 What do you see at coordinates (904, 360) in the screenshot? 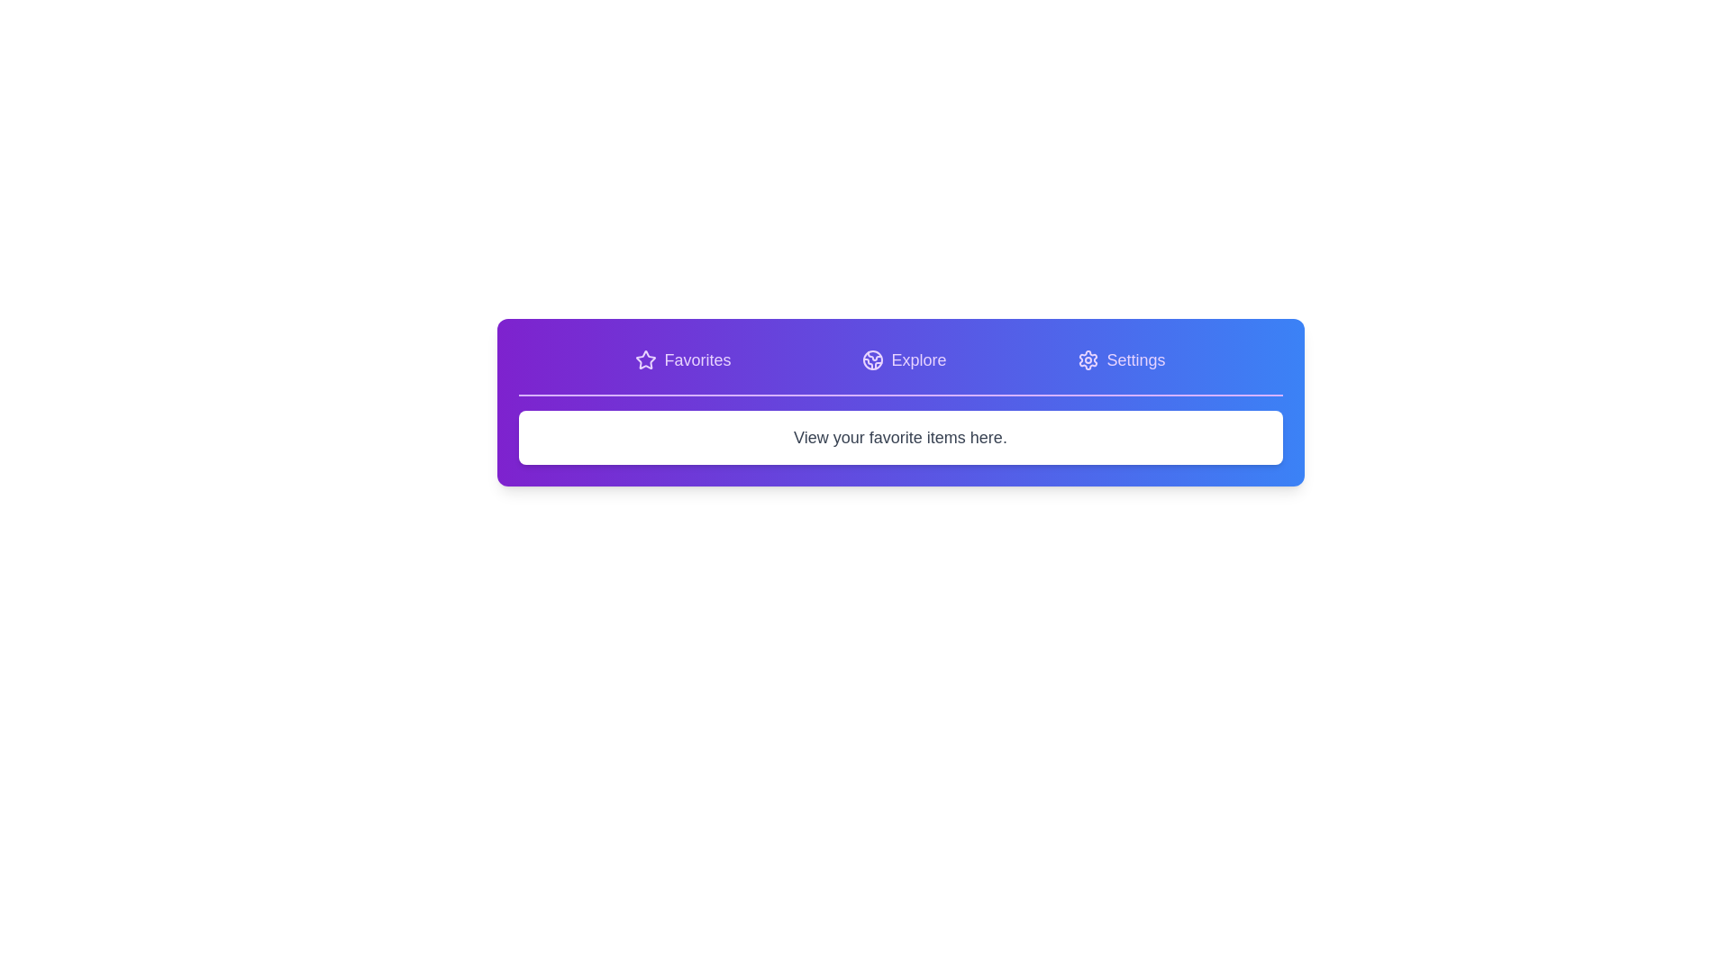
I see `the tab labeled 'Explore' to display its corresponding content` at bounding box center [904, 360].